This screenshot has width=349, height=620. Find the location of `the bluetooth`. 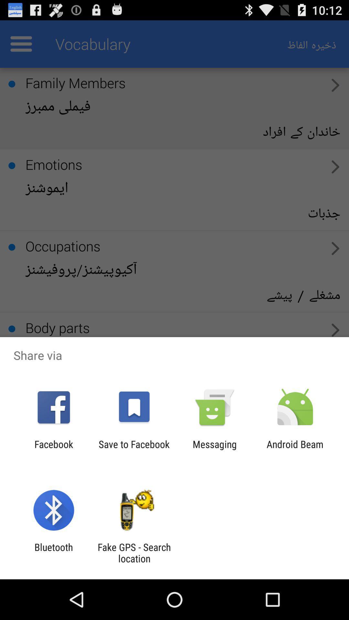

the bluetooth is located at coordinates (53, 553).